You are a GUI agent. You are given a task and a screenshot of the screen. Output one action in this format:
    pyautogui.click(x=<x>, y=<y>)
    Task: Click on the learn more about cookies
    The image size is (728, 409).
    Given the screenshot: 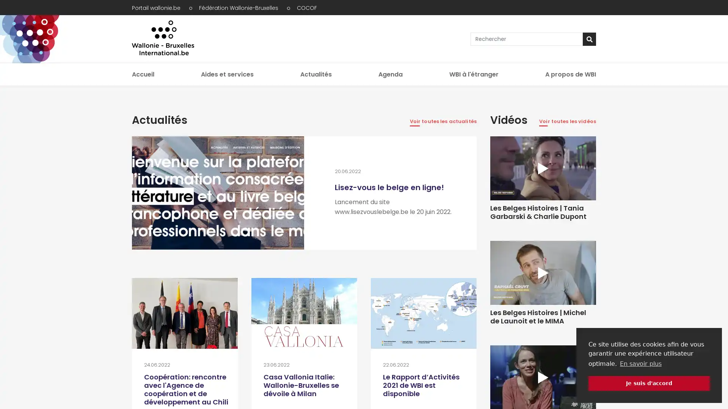 What is the action you would take?
    pyautogui.click(x=640, y=363)
    